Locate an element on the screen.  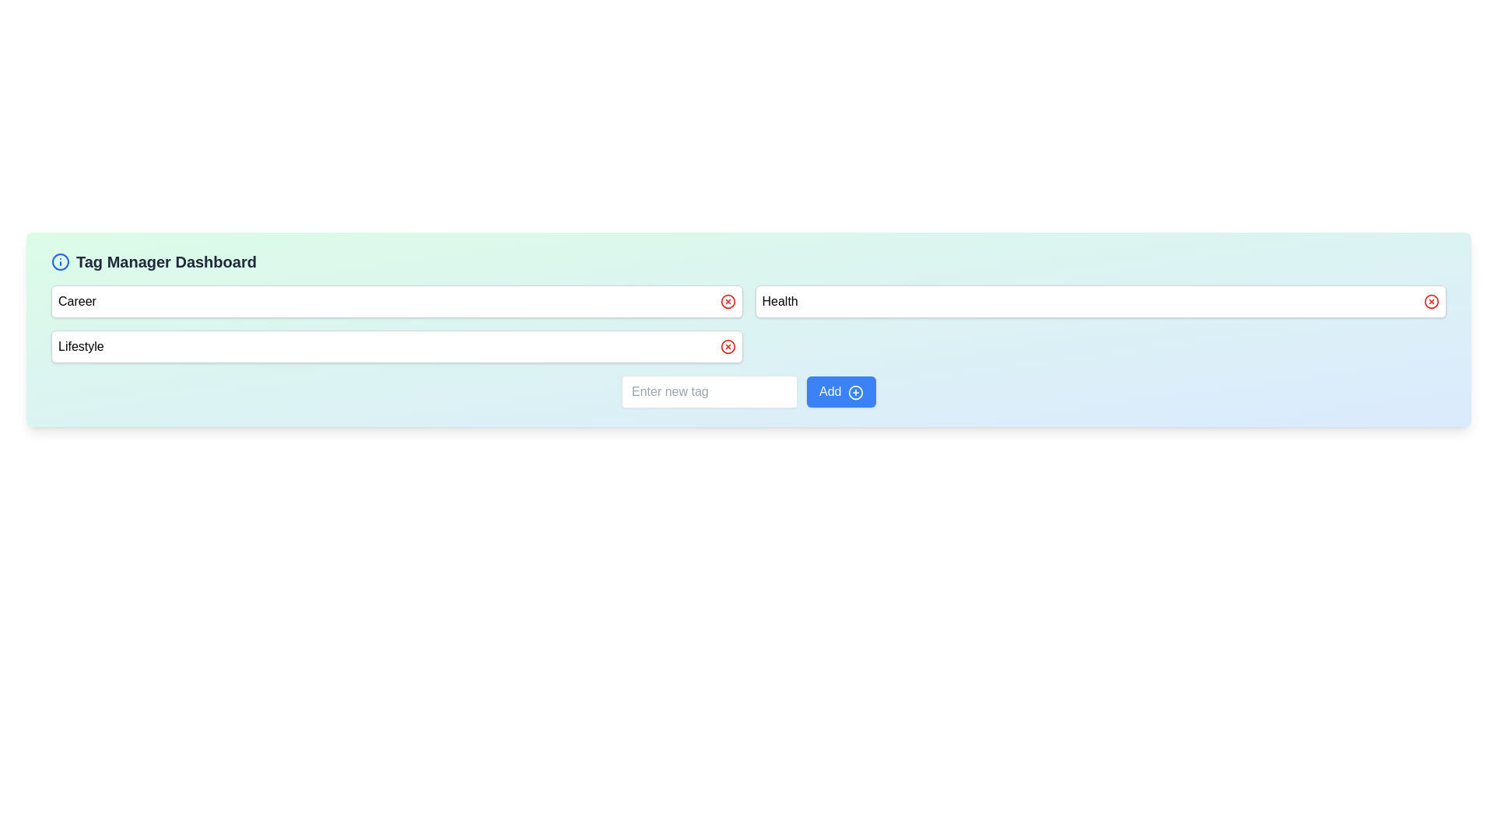
the circular graphical element, styled with a border and positioned within an interactive button is located at coordinates (854, 391).